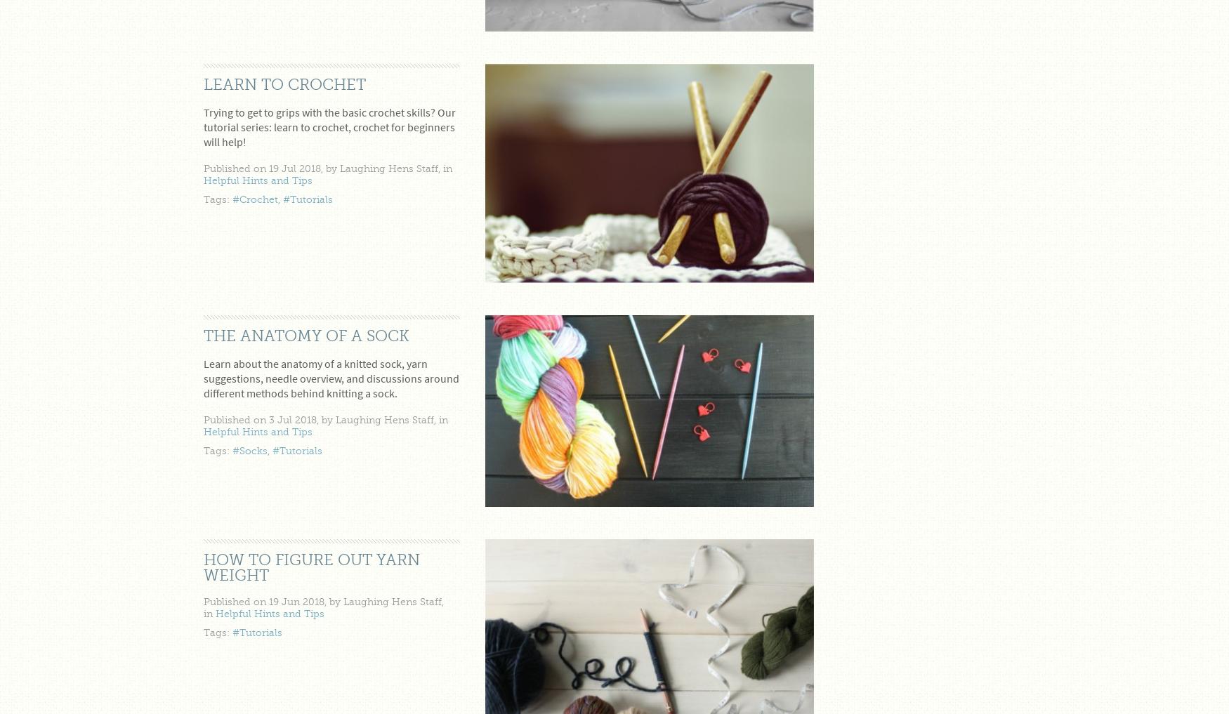 Image resolution: width=1229 pixels, height=714 pixels. I want to click on '#Crochet', so click(255, 199).